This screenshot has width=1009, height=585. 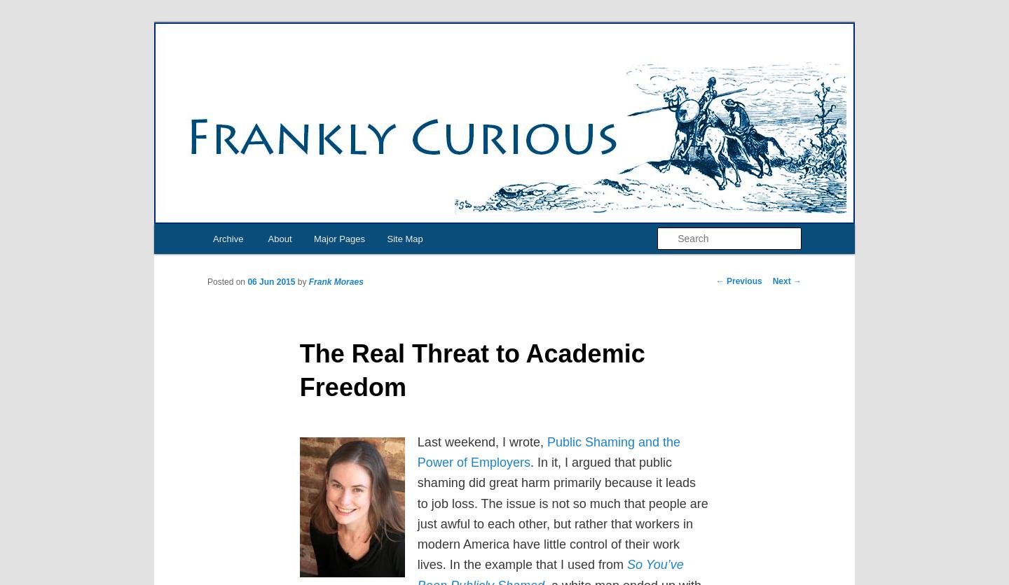 What do you see at coordinates (562, 513) in the screenshot?
I see `'. In it, I argued that public shaming did great harm primarily because it leads to job loss. The issue is not so much that people are just awful to each other, but rather that workers in modern America have little control of their work lives. In the example that I used from'` at bounding box center [562, 513].